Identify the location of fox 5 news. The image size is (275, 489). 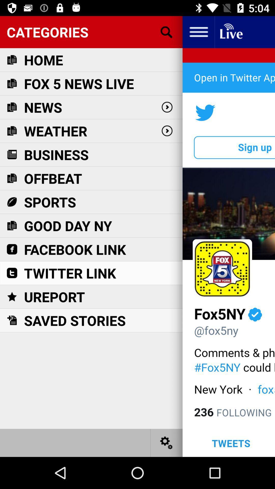
(79, 84).